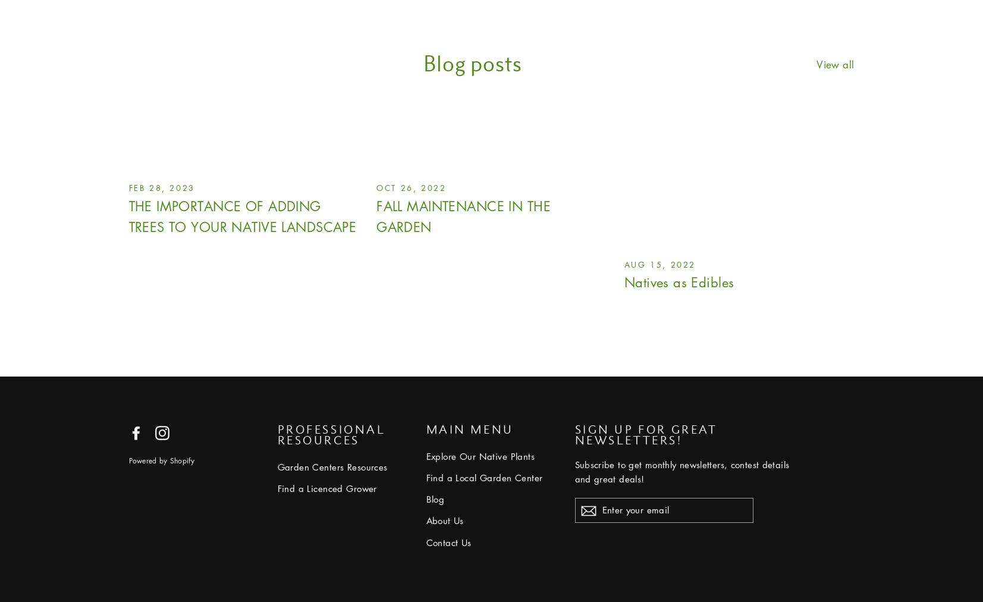 This screenshot has height=602, width=983. I want to click on 'PROFESSIONAL RESOURCES', so click(331, 434).